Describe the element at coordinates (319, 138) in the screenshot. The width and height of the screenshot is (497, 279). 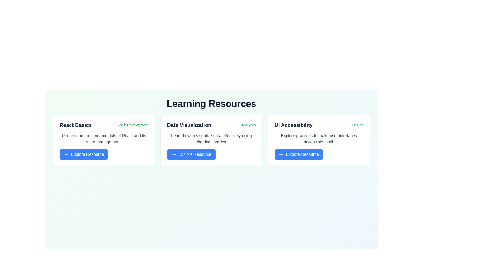
I see `descriptive static text located in the third card titled 'UI Accessibility', positioned under its header and above the 'Explore Resource' button` at that location.